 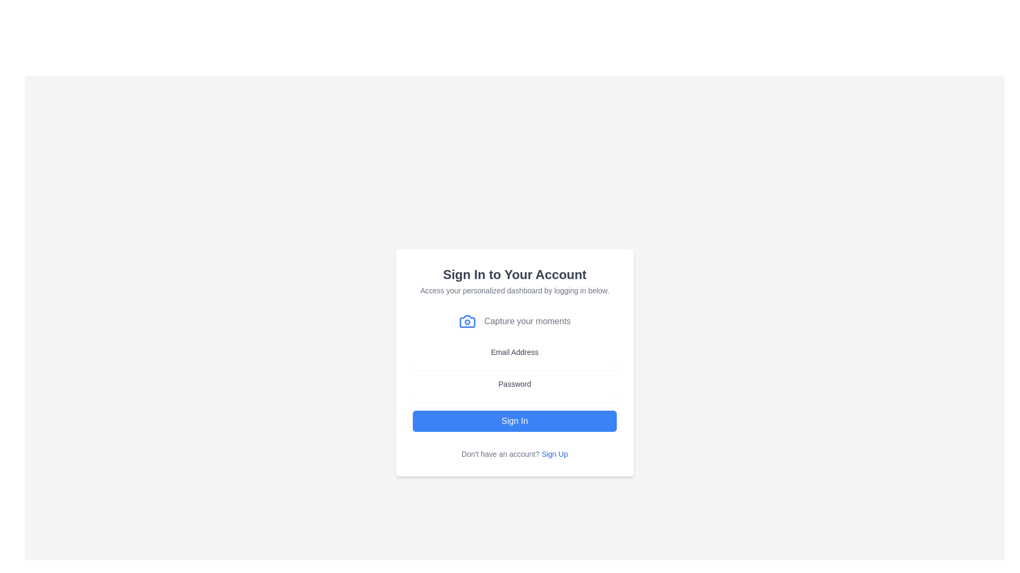 I want to click on the 'Sign Up' hyperlink styled in blue at the bottom center of the login card, so click(x=554, y=454).